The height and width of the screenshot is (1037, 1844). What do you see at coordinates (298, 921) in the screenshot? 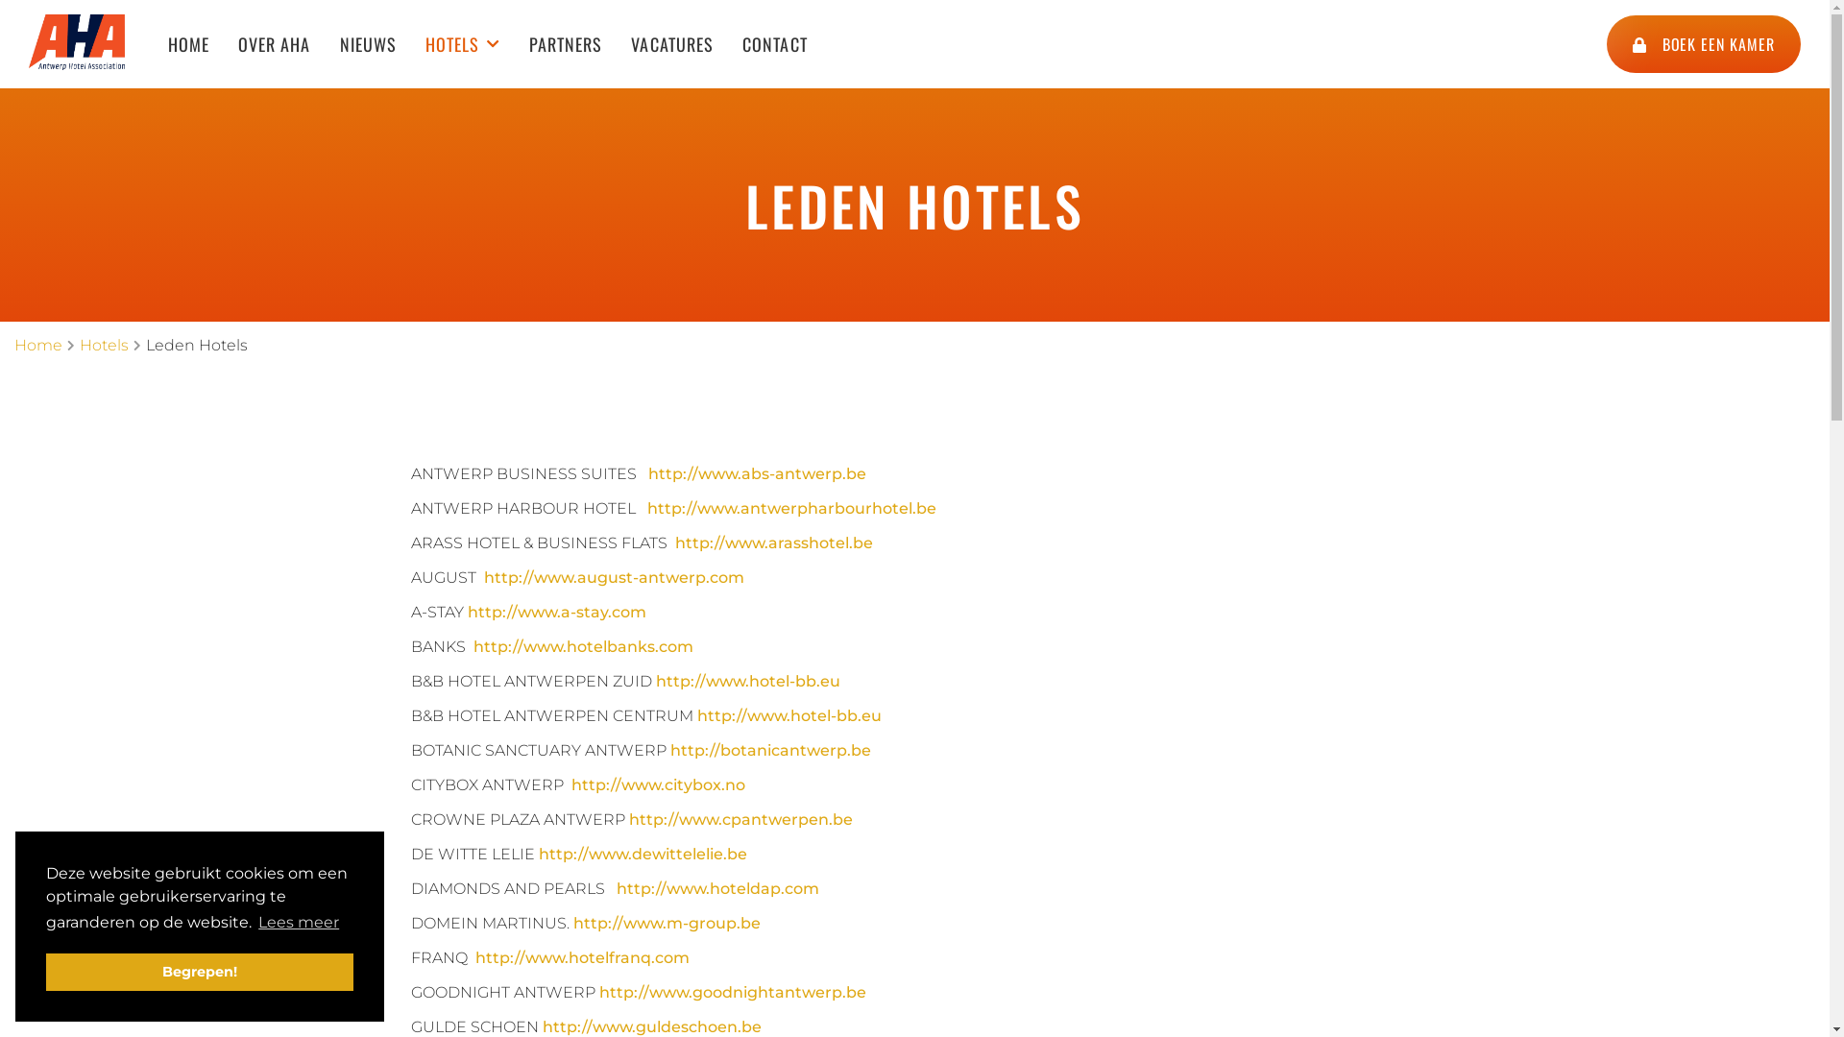
I see `'Lees meer'` at bounding box center [298, 921].